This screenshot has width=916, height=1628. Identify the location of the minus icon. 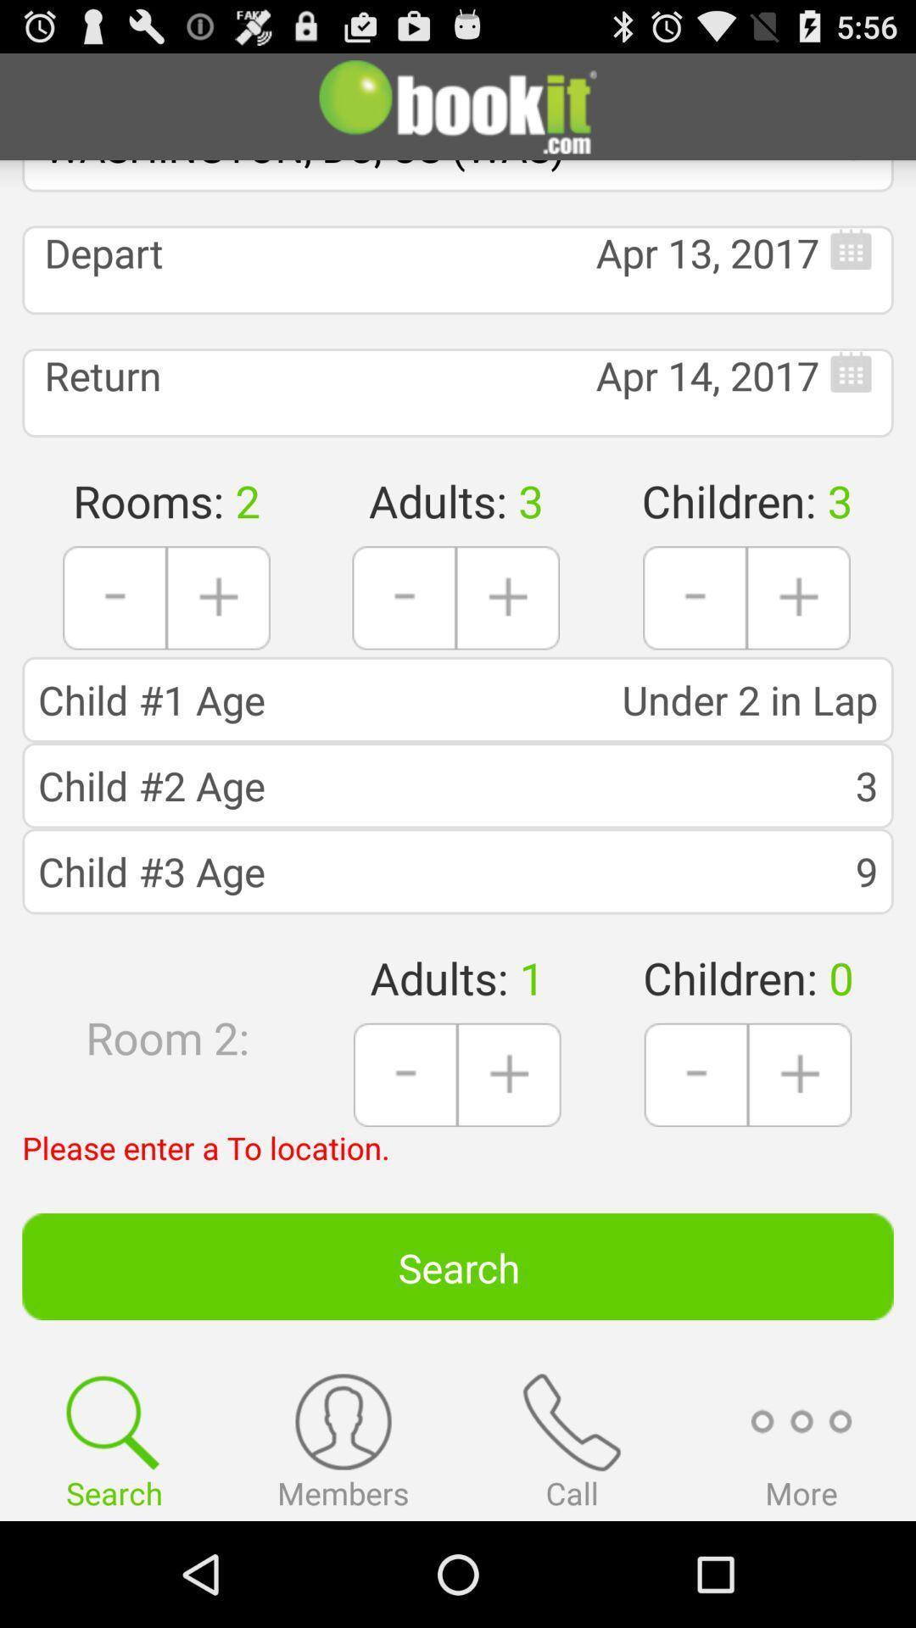
(695, 638).